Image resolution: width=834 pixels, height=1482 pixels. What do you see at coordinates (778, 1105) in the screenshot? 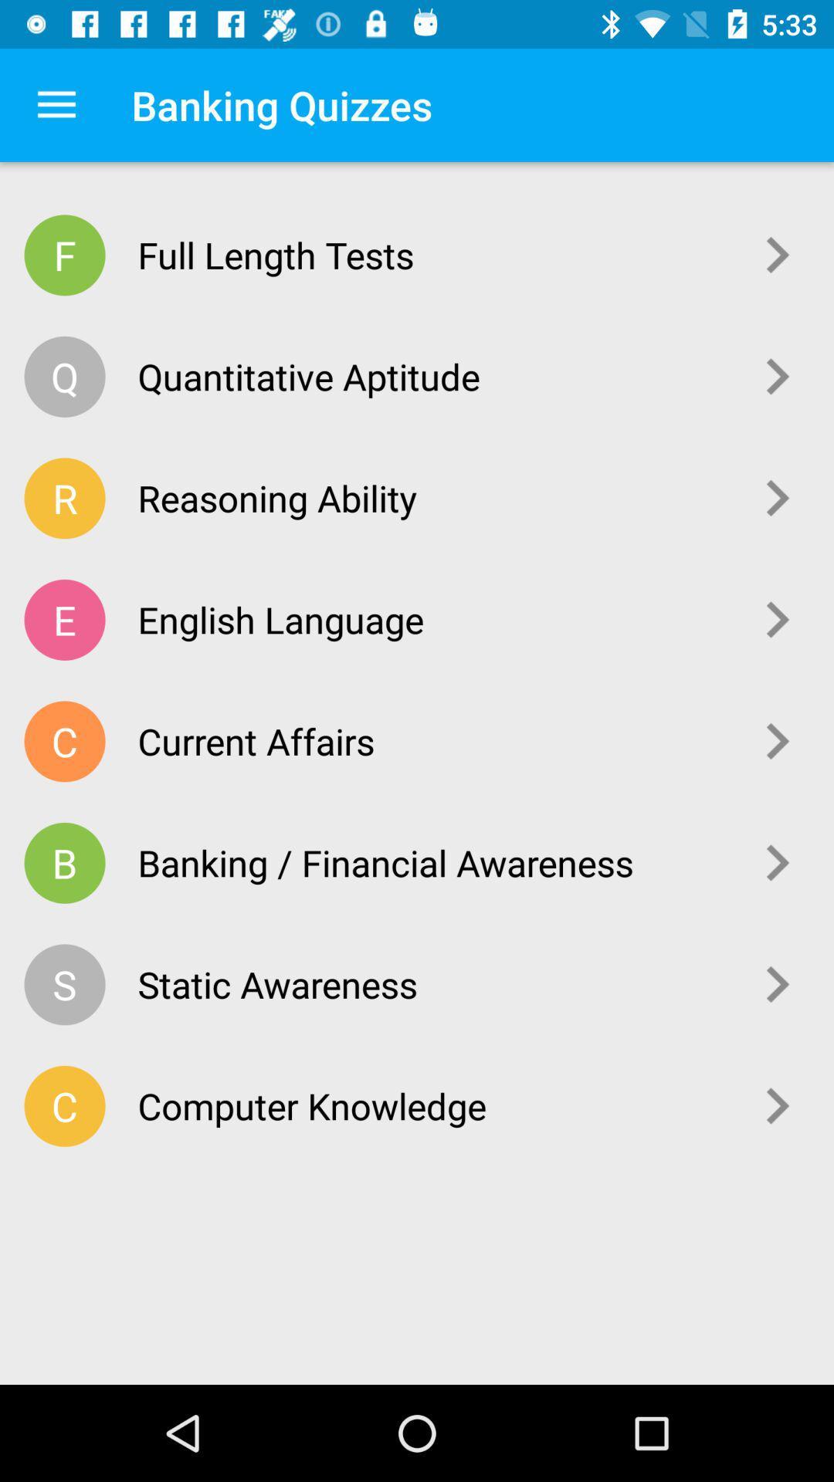
I see `the icon next to the computer knowledge item` at bounding box center [778, 1105].